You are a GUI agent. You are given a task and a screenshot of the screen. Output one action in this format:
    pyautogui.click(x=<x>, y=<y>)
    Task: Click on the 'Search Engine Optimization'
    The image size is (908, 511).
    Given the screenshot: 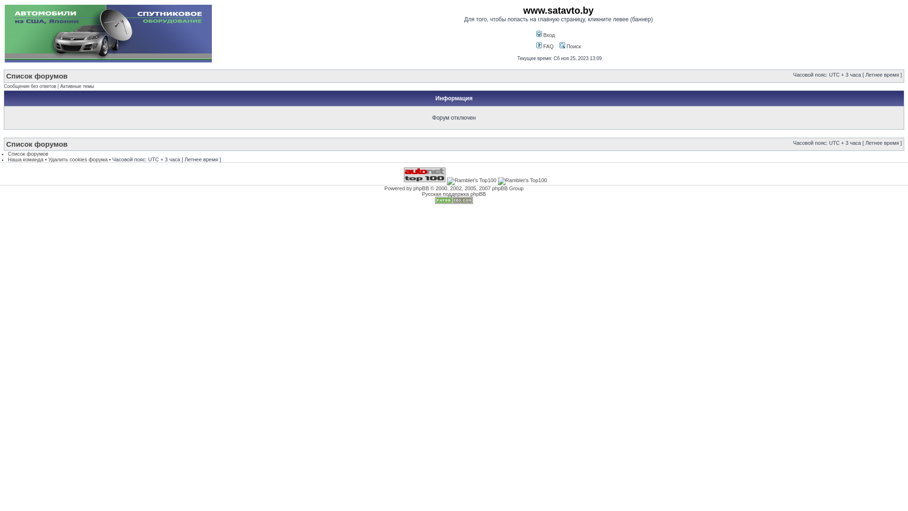 What is the action you would take?
    pyautogui.click(x=454, y=202)
    